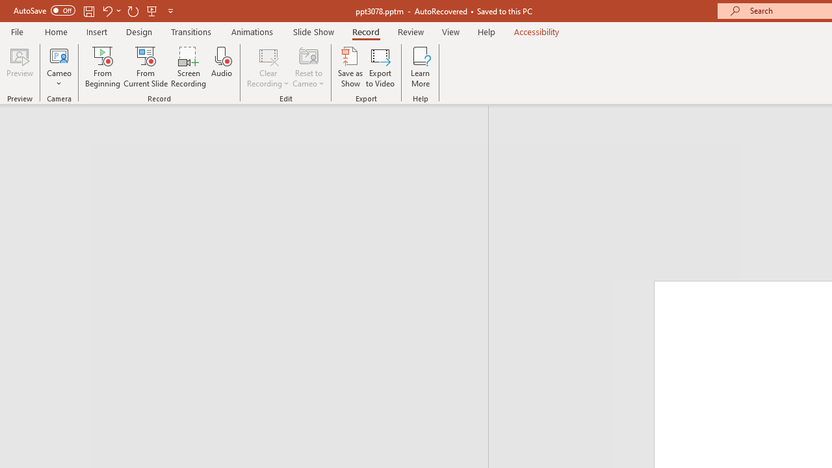 This screenshot has width=832, height=468. I want to click on 'Screen Recording', so click(188, 67).